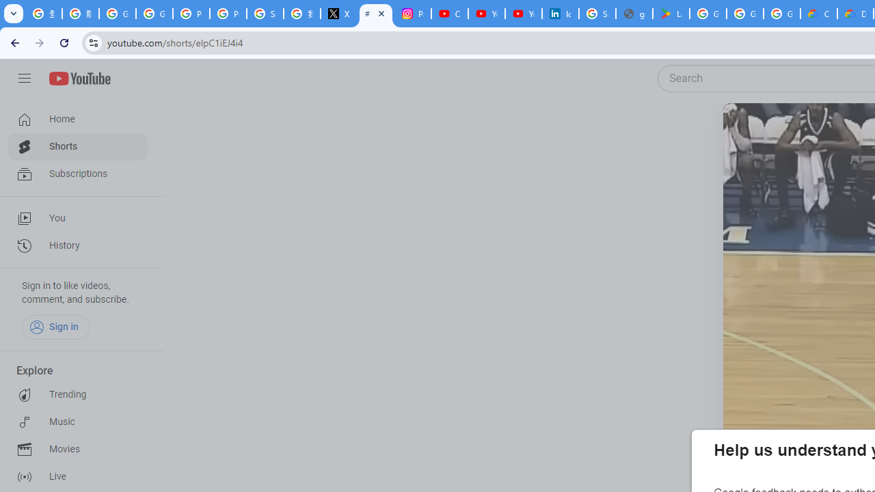  I want to click on 'Subscriptions', so click(77, 173).